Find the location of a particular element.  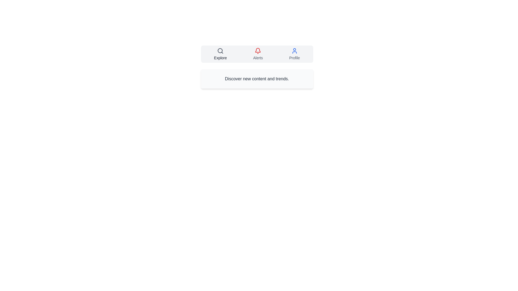

the Profile tab to view its content is located at coordinates (294, 54).